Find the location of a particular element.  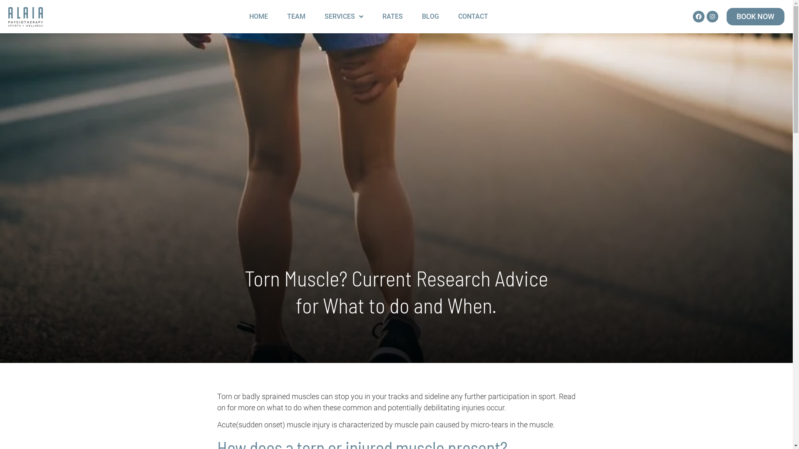

'RATES' is located at coordinates (392, 16).